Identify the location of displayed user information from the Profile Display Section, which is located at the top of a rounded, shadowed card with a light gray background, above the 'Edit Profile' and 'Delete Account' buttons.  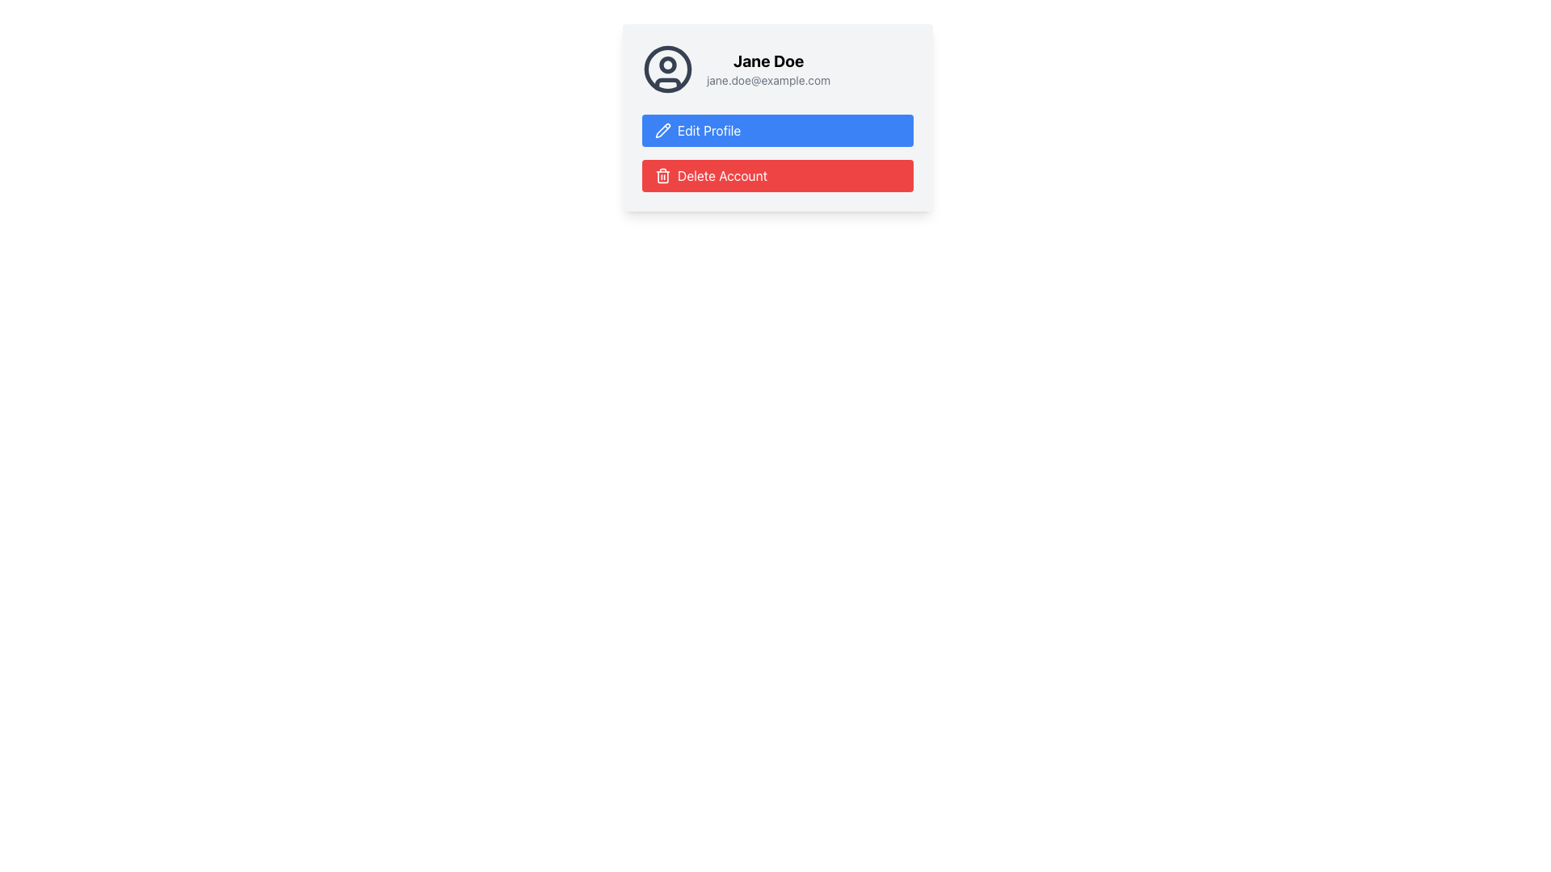
(778, 68).